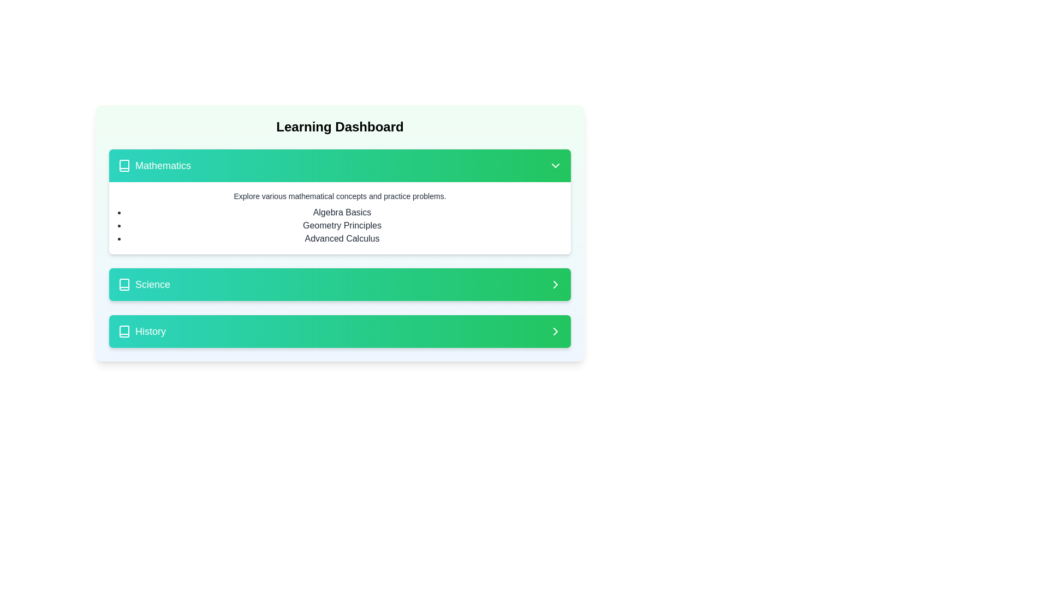 This screenshot has width=1048, height=589. Describe the element at coordinates (342, 238) in the screenshot. I see `the Text label for advanced calculus topics, which is the third item in the bullet-point list under the 'Mathematics' section of the Learning Dashboard` at that location.